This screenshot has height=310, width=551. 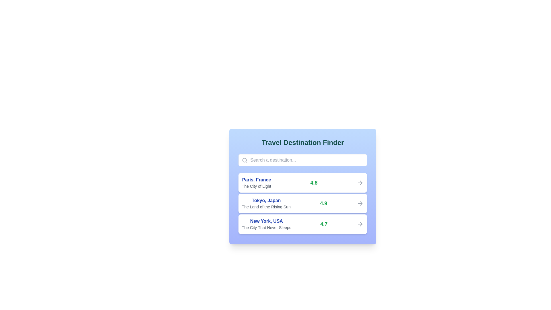 What do you see at coordinates (324, 224) in the screenshot?
I see `the static display of the rating value positioned to the right of the destination titled 'New York, USA.'` at bounding box center [324, 224].